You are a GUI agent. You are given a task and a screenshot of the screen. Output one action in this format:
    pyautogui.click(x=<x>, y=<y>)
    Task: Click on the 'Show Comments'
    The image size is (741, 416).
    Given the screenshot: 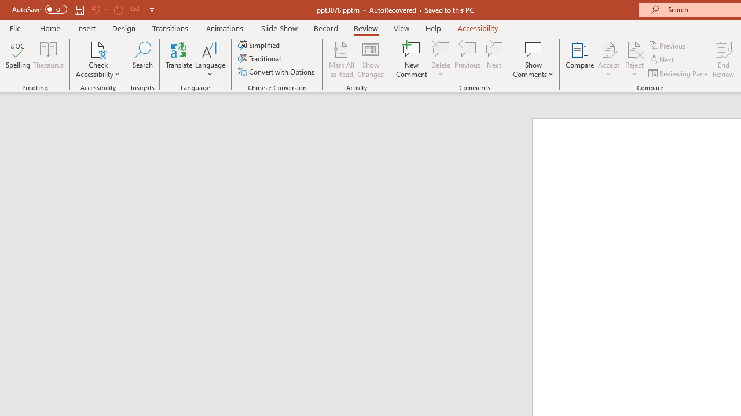 What is the action you would take?
    pyautogui.click(x=533, y=49)
    